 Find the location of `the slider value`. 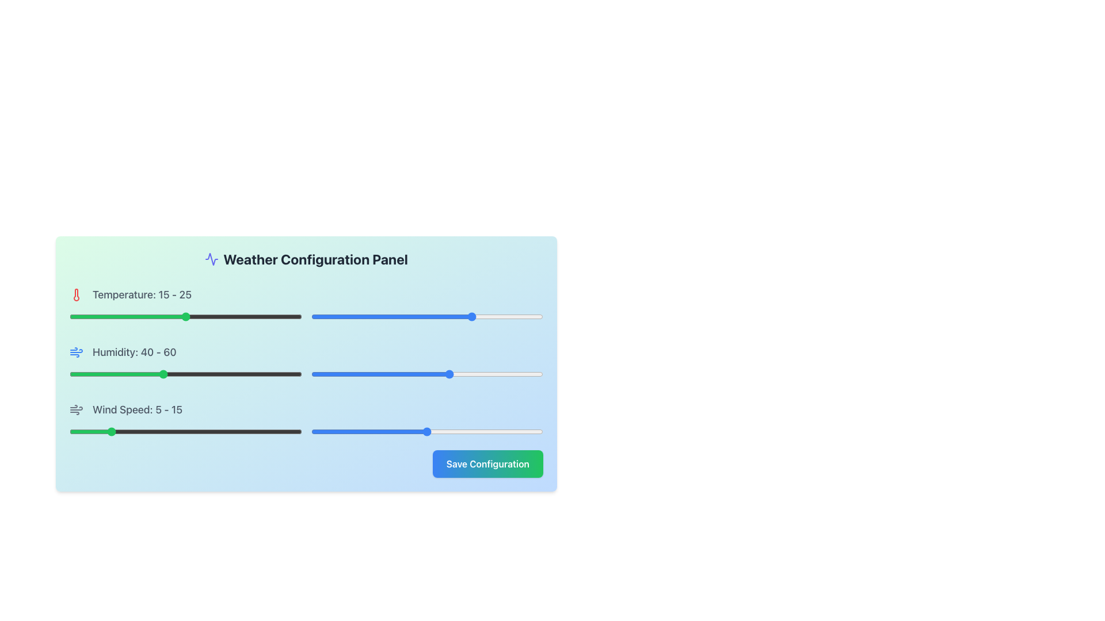

the slider value is located at coordinates (527, 432).